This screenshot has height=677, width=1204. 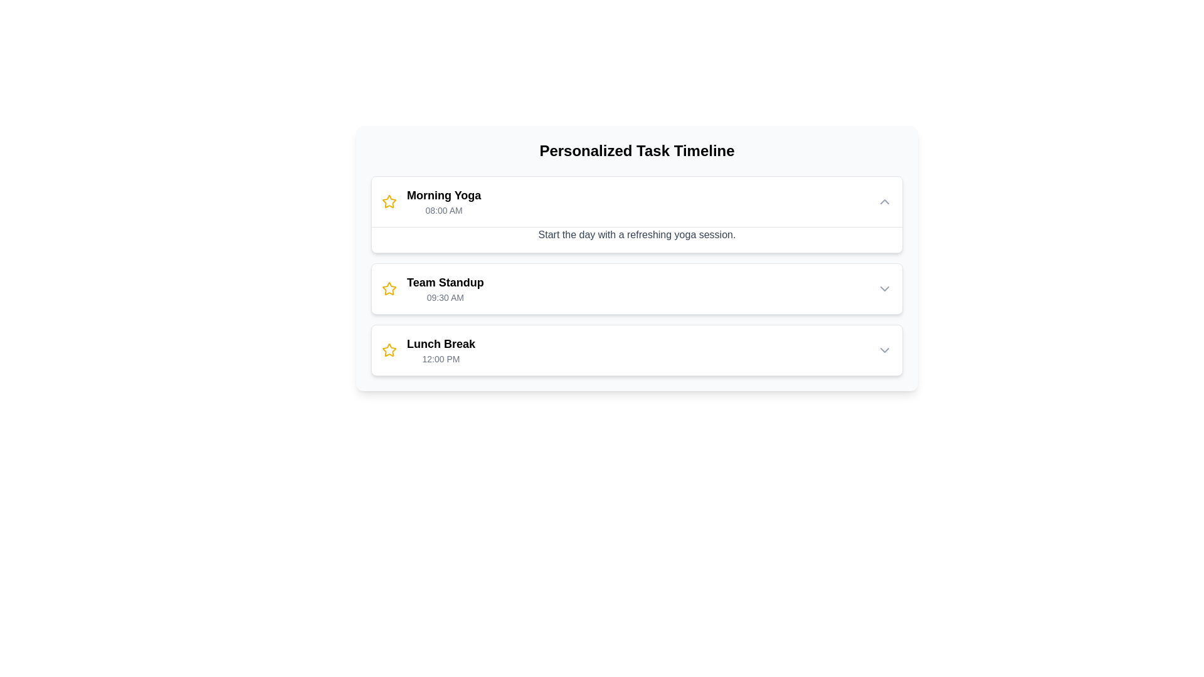 What do you see at coordinates (428, 350) in the screenshot?
I see `the 'Lunch Break' text in the grouped UI component consisting of a yellow outlined star icon and two text fields` at bounding box center [428, 350].